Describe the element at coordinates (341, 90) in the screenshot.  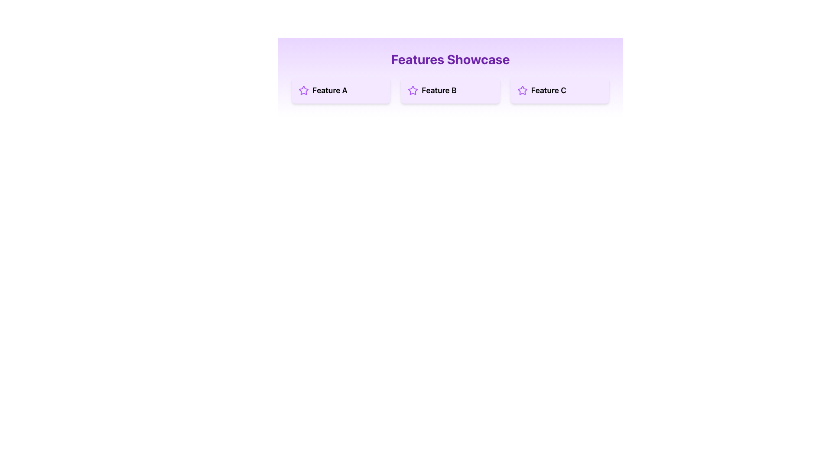
I see `the button labeled 'Feature A', which is the first item in a horizontal lineup of options. This button may trigger more details or a selection action` at that location.